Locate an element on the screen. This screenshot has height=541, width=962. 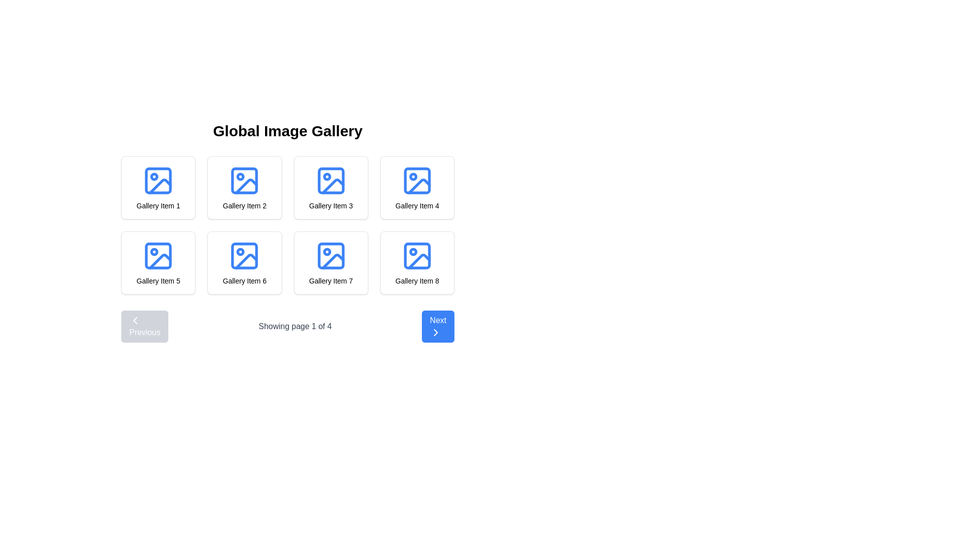
the circular visual element located within 'Gallery Item 3' near the top-left section of its graphical icon is located at coordinates (327, 176).